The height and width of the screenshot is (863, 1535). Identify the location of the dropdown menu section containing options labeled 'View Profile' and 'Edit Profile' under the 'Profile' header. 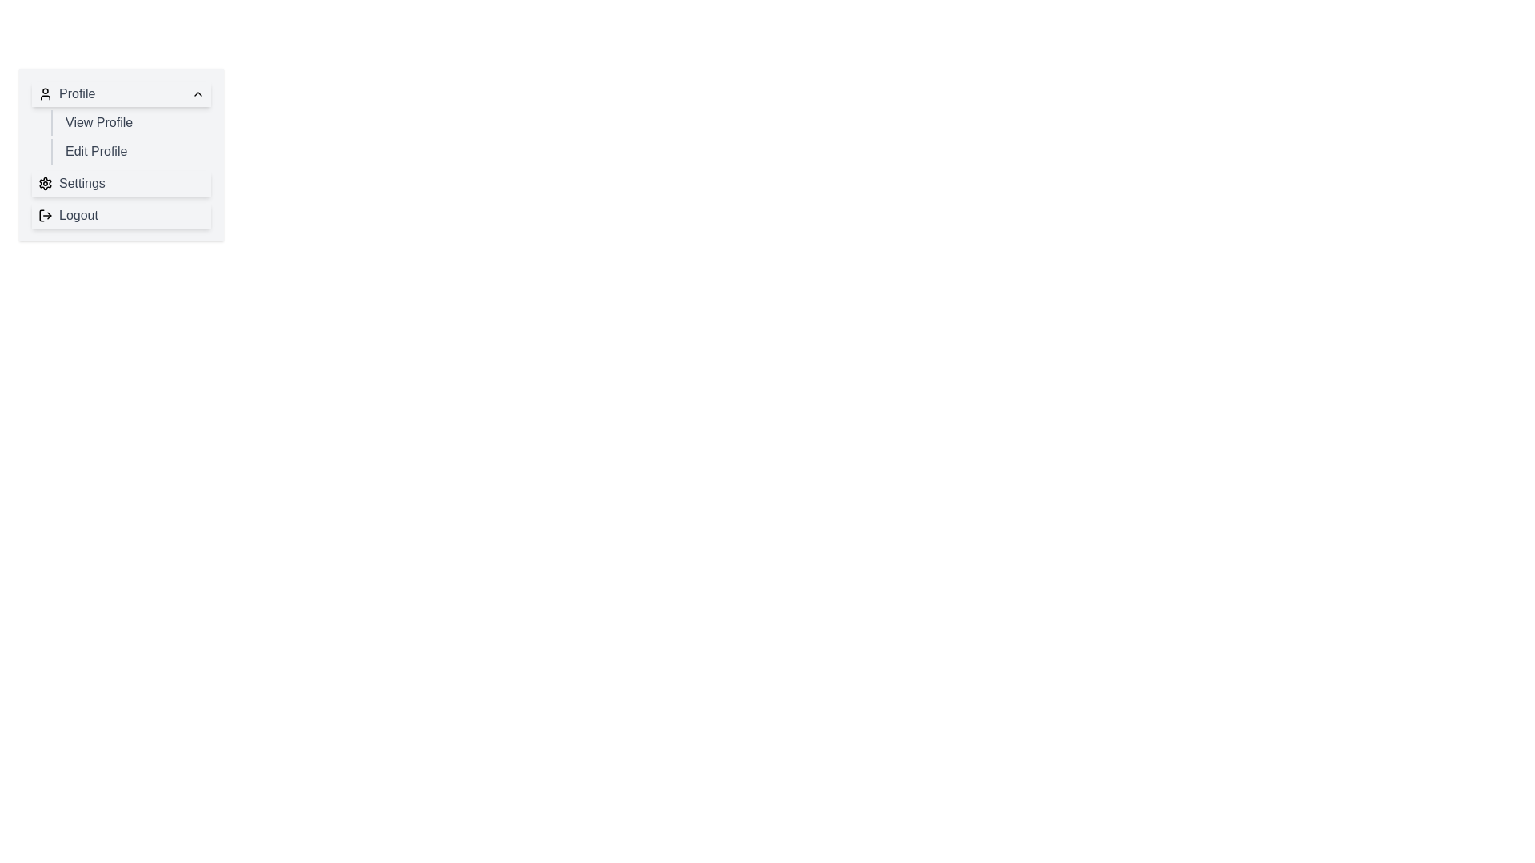
(121, 122).